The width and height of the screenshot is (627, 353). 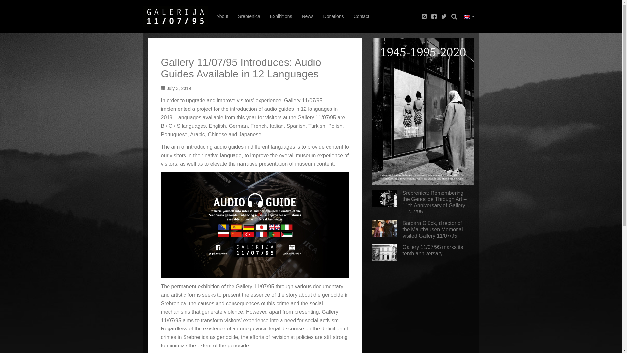 I want to click on 'rss', so click(x=424, y=16).